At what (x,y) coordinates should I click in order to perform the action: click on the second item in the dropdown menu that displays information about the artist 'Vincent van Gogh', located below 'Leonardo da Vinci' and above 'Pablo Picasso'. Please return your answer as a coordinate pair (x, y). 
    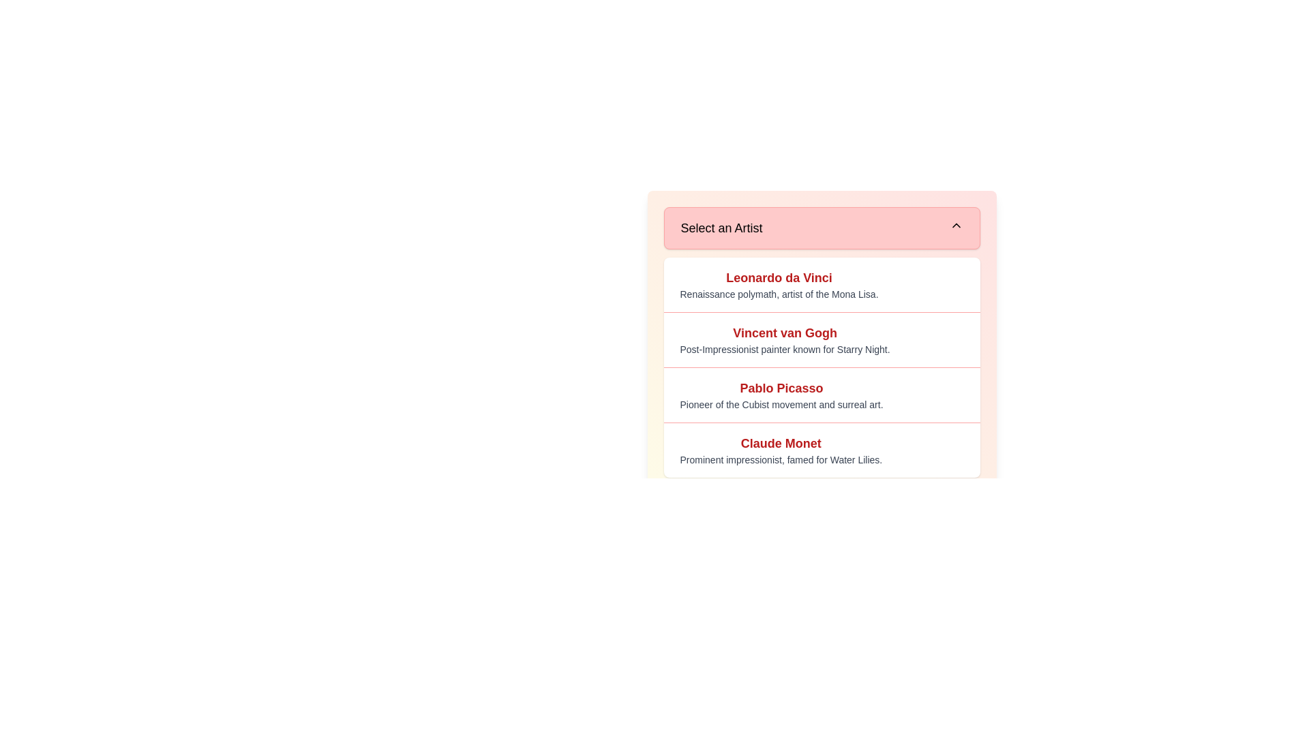
    Looking at the image, I should click on (821, 313).